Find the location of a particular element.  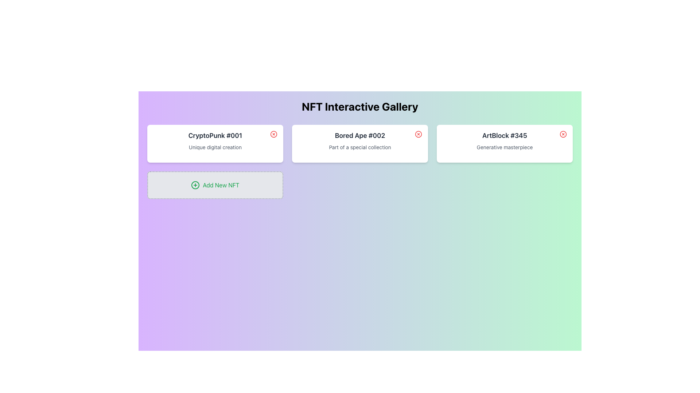

the red circular button located at the top-right corner of the 'ArtBlock #345' card is located at coordinates (563, 134).